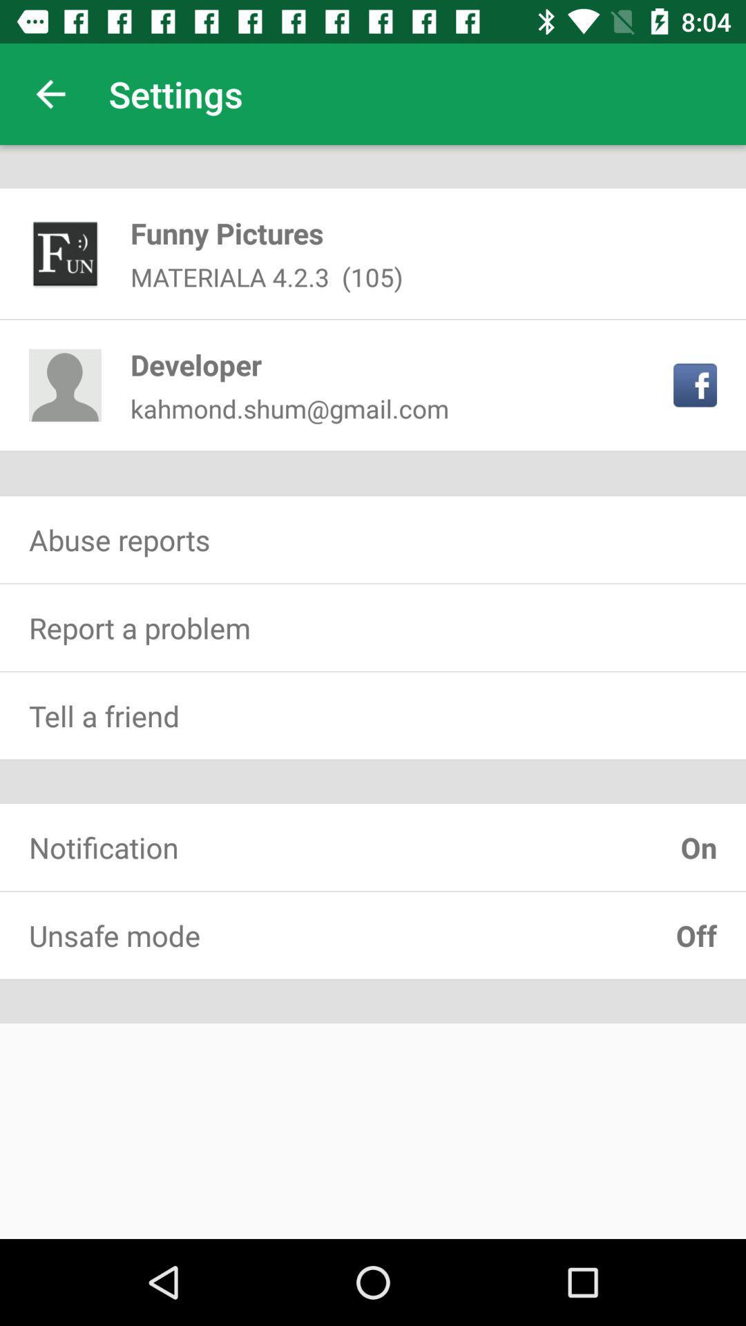 This screenshot has width=746, height=1326. Describe the element at coordinates (373, 539) in the screenshot. I see `abuse reports` at that location.